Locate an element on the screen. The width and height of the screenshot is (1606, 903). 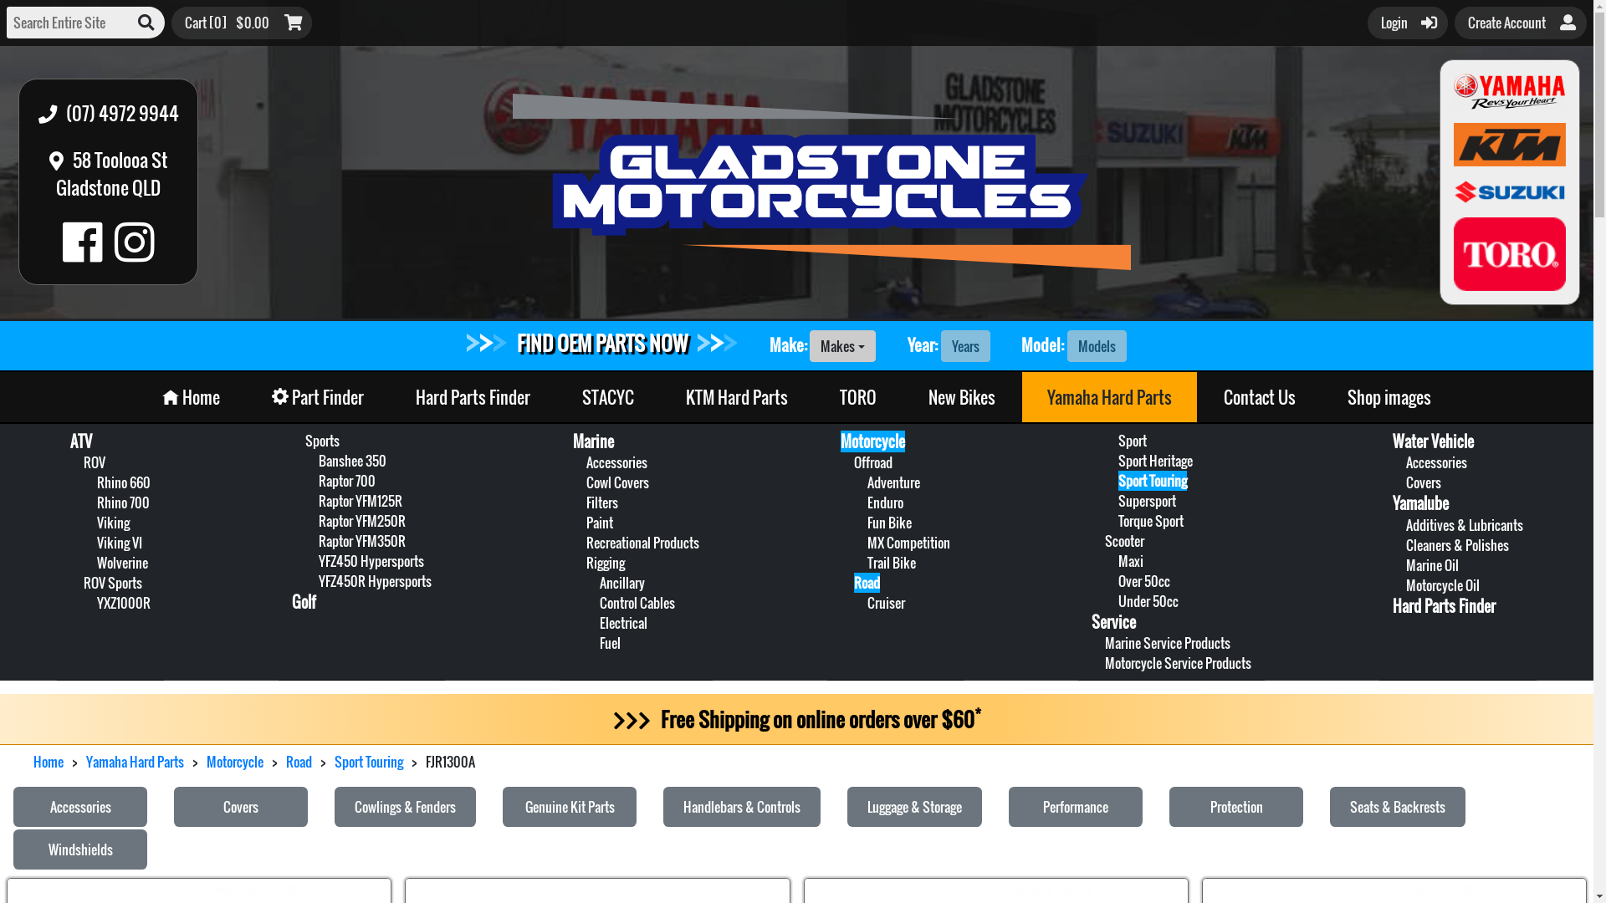
'KTM Hard Parts' is located at coordinates (736, 396).